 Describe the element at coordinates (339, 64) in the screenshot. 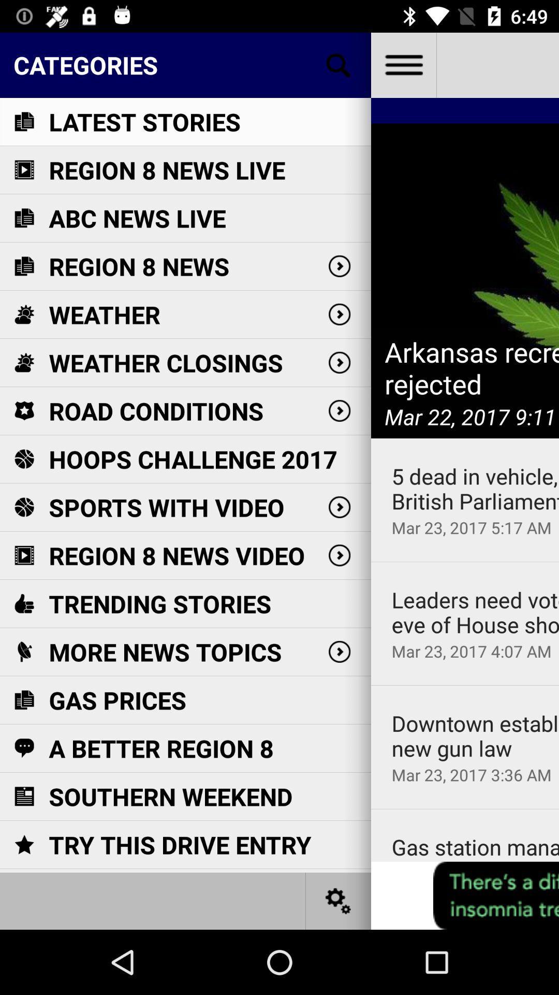

I see `the search icon` at that location.